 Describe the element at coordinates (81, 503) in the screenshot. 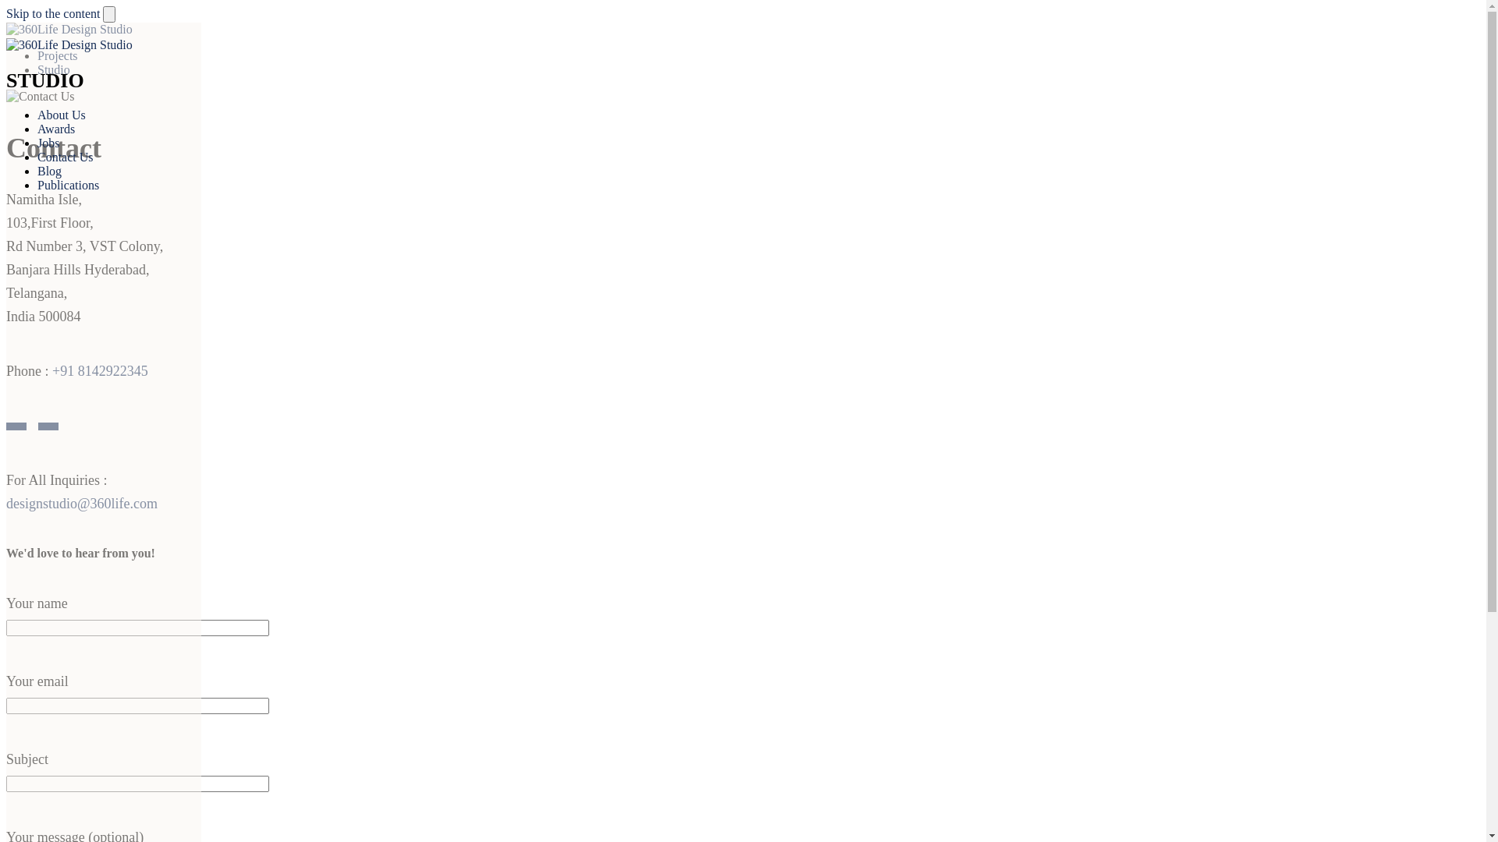

I see `'designstudio@360life.com'` at that location.